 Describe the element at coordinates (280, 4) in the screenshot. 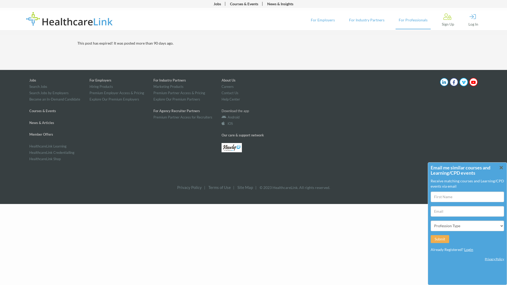

I see `'News & Insights'` at that location.